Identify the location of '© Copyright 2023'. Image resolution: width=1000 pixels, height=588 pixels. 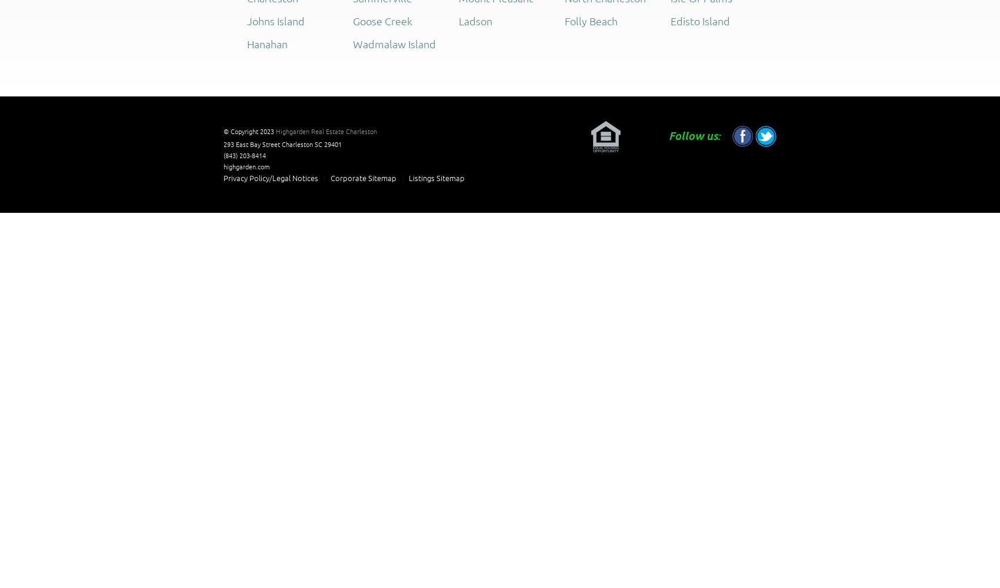
(249, 131).